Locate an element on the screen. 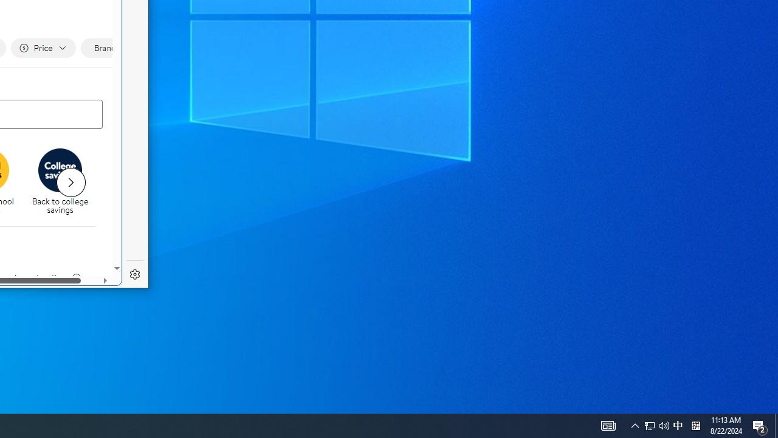 The width and height of the screenshot is (778, 438). 'Filter by Brand not applied, activate to change' is located at coordinates (109, 47).